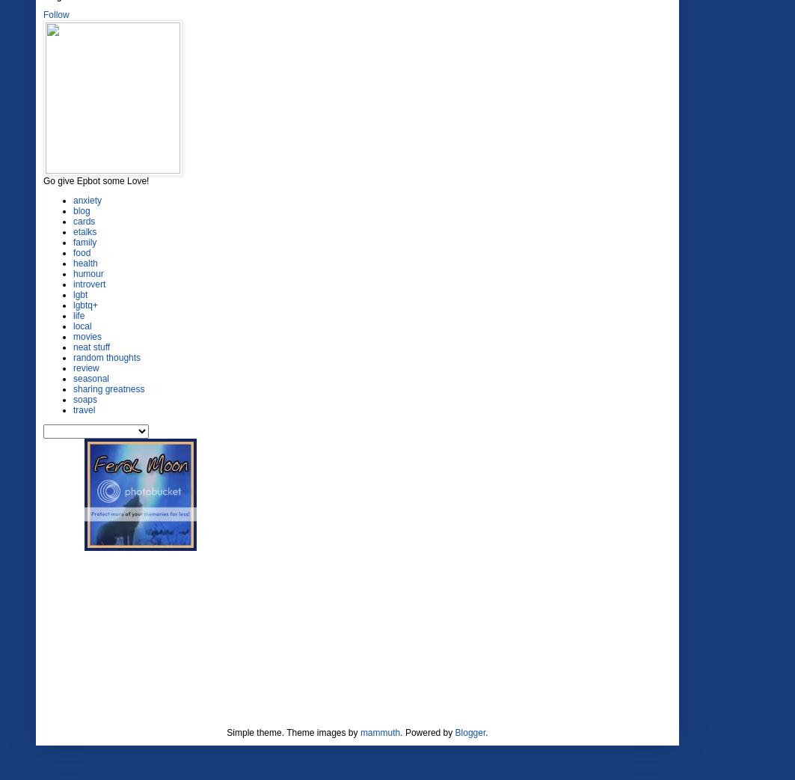  What do you see at coordinates (73, 389) in the screenshot?
I see `'sharing greatness'` at bounding box center [73, 389].